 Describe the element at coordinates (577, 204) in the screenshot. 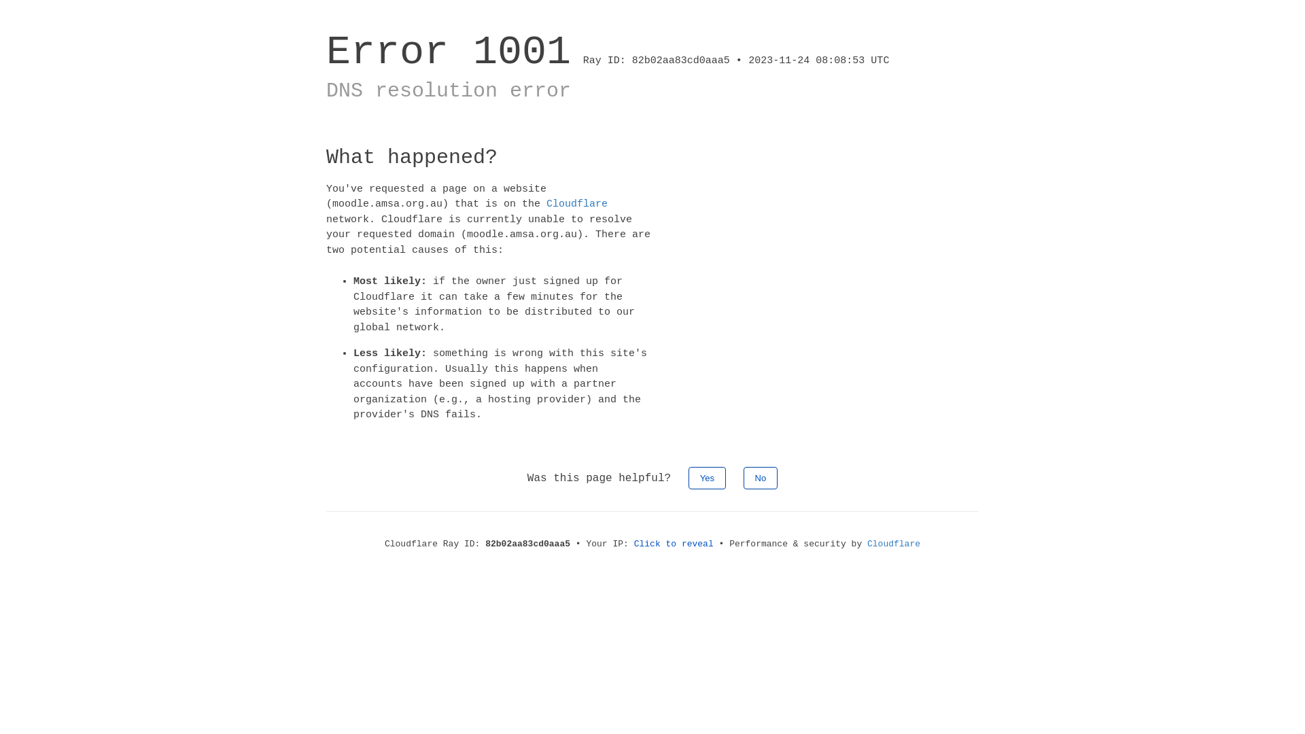

I see `'Cloudflare'` at that location.